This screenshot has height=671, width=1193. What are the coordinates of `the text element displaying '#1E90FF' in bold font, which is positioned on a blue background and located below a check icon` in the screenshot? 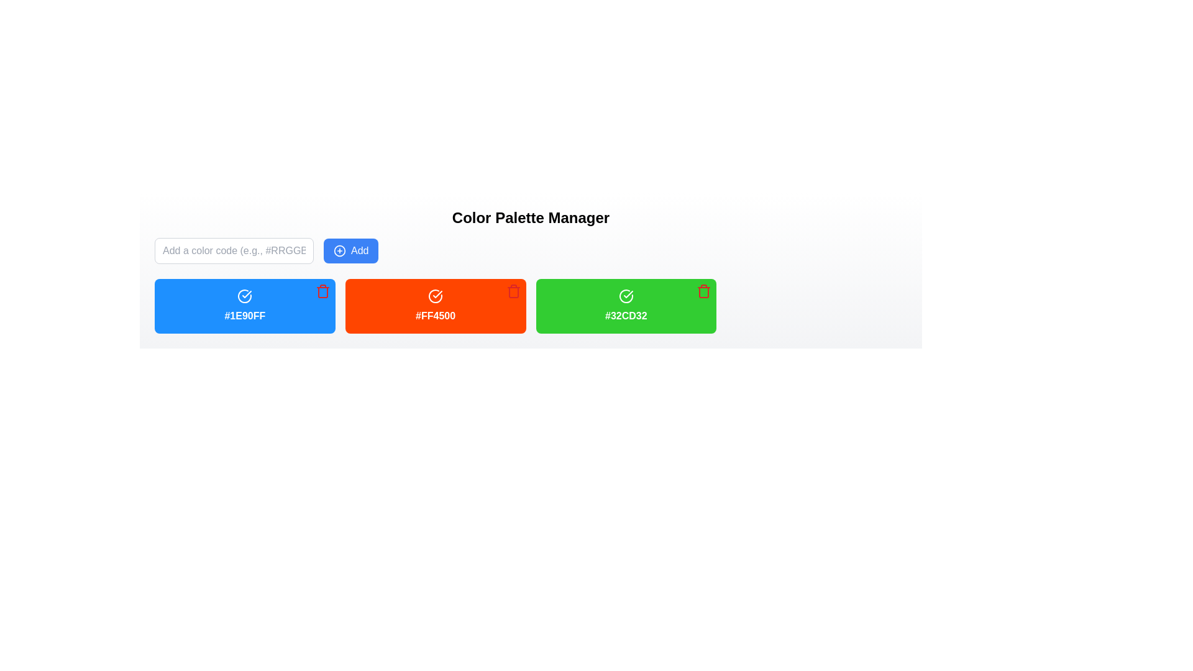 It's located at (245, 316).